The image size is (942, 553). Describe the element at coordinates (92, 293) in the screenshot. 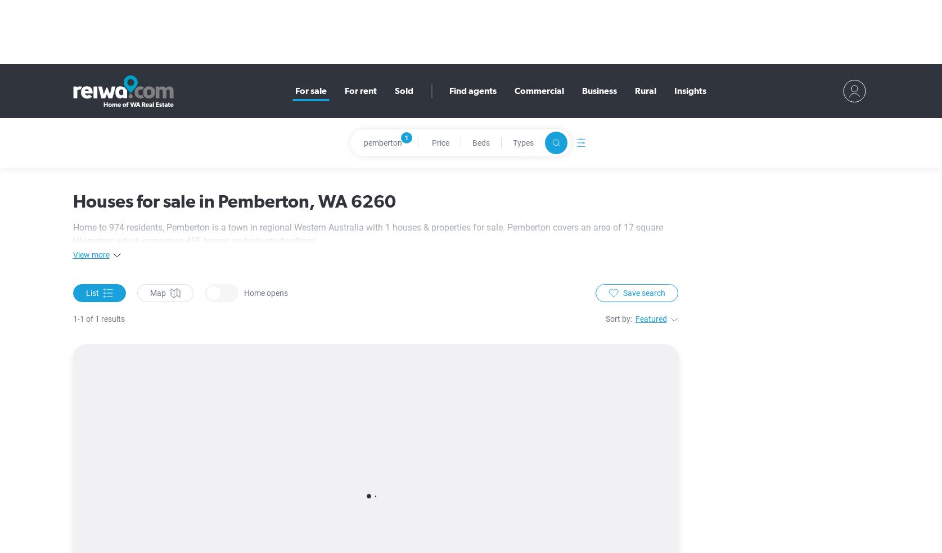

I see `'List'` at that location.